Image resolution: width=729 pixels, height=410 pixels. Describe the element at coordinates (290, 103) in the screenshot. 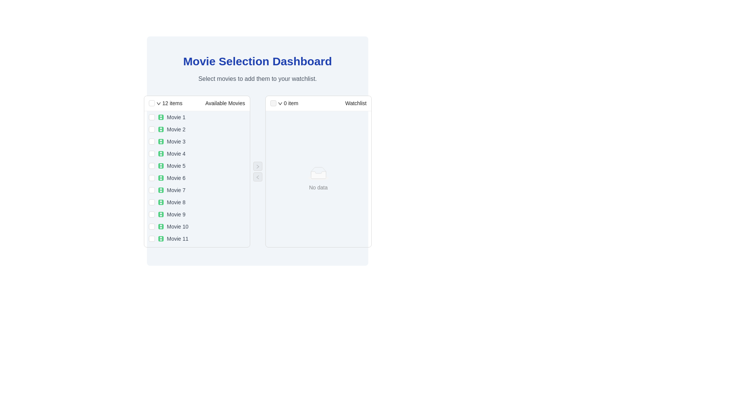

I see `the text label displaying '0 item' which indicates the current count of items in the 'Watchlist' section header` at that location.